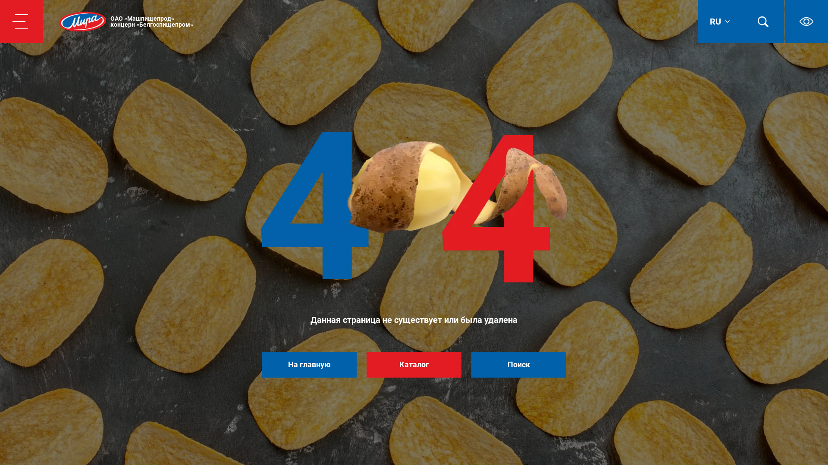 The height and width of the screenshot is (465, 828). I want to click on 'RU', so click(719, 21).